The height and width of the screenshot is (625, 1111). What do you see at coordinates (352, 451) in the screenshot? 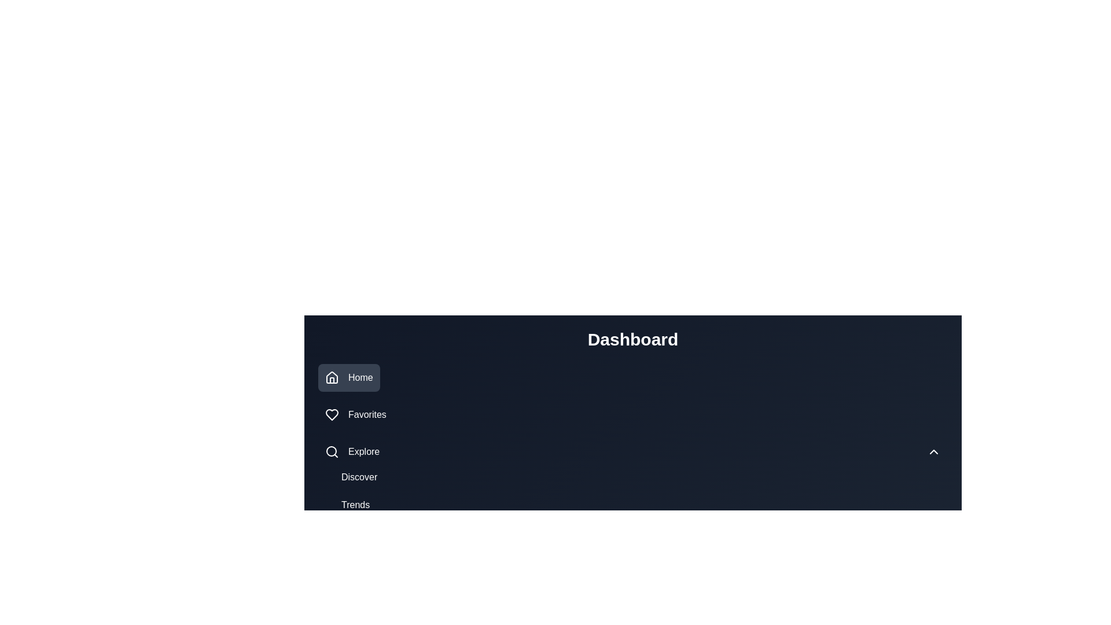
I see `the 'Explore' button, which features a magnifying glass icon followed by the text 'Explore', located in the vertical menu on the left side of the interface, positioned third below 'Favorites'` at bounding box center [352, 451].